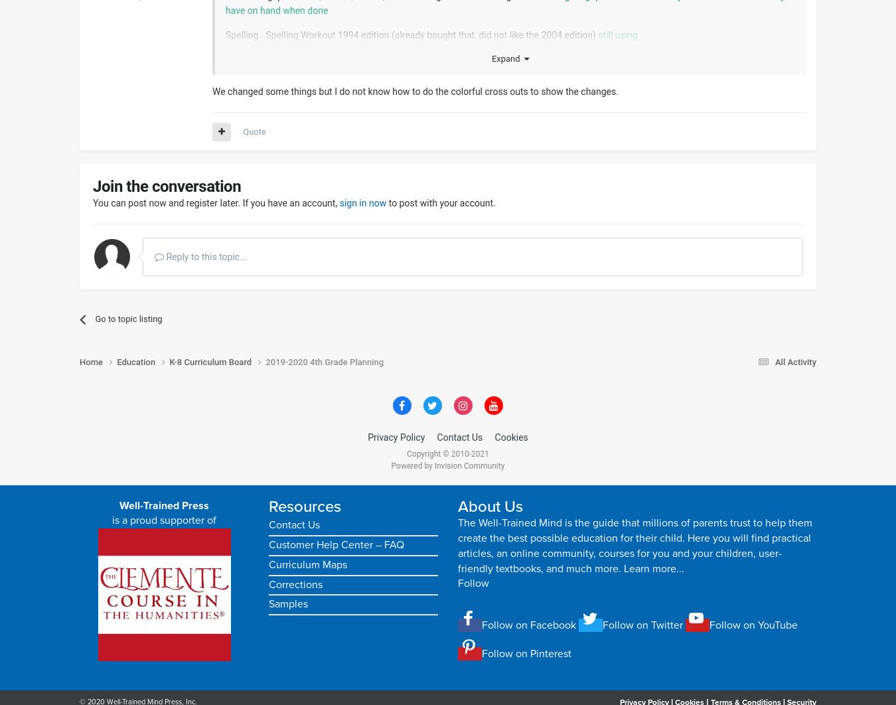  I want to click on 'Powered by Invision Community', so click(447, 465).